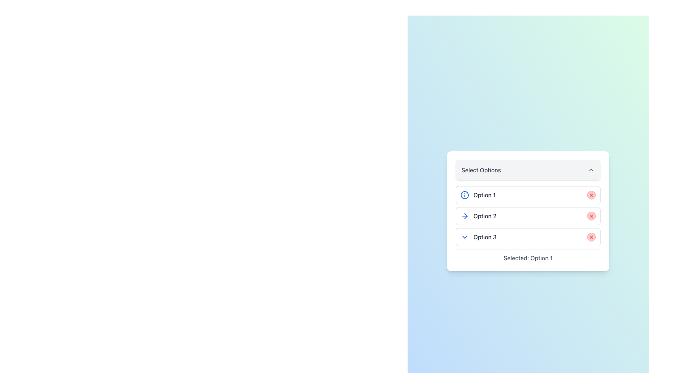 This screenshot has width=695, height=391. I want to click on the first option in the vertically stacked selection list, which is represented by a Text label with an associated icon, so click(478, 194).